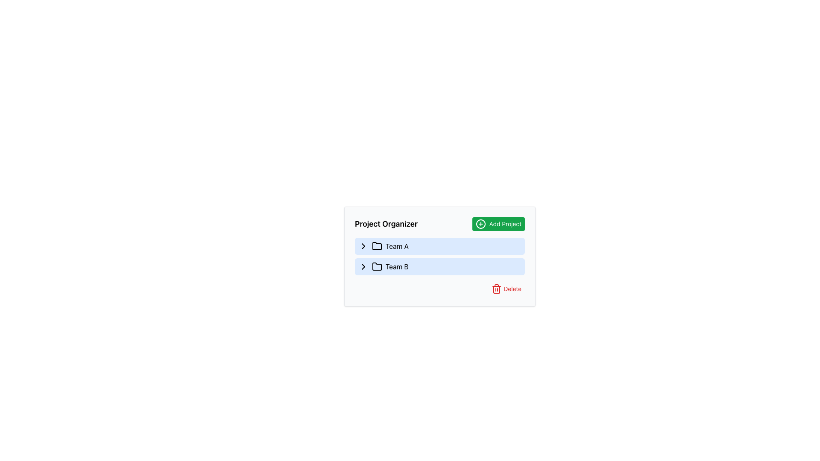  I want to click on the second folder icon in the 'Project Organizer' list, so click(377, 266).